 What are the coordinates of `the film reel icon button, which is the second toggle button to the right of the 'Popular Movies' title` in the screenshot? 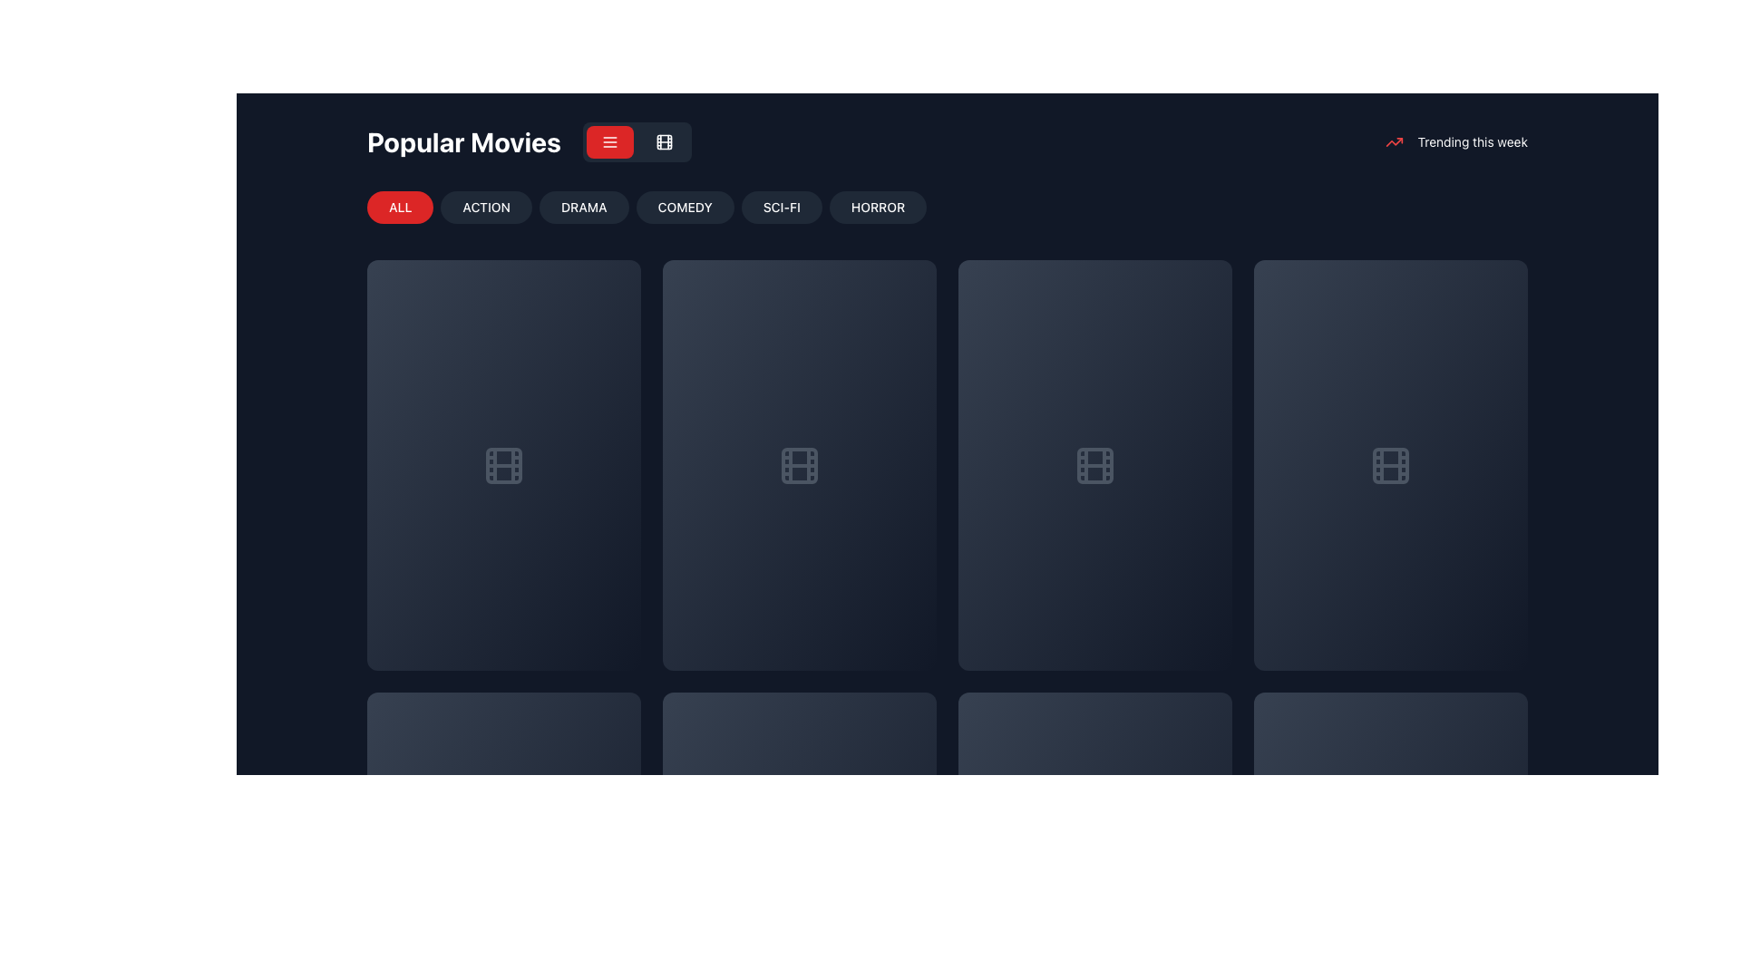 It's located at (664, 141).